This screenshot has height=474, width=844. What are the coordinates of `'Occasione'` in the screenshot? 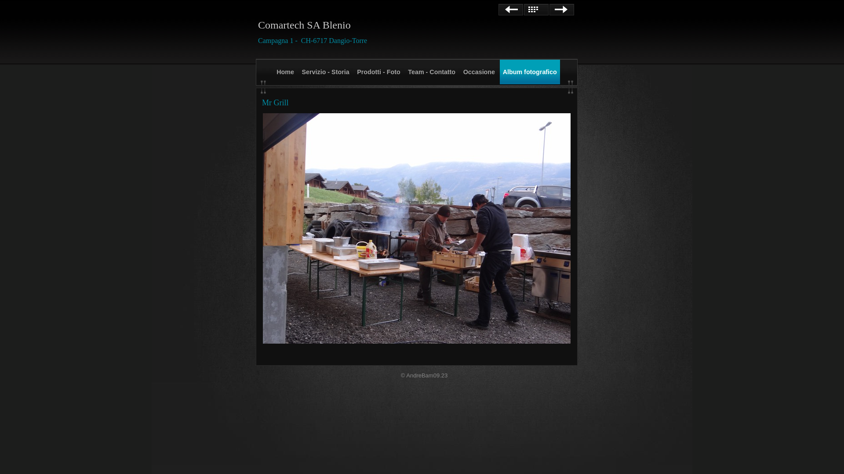 It's located at (478, 72).